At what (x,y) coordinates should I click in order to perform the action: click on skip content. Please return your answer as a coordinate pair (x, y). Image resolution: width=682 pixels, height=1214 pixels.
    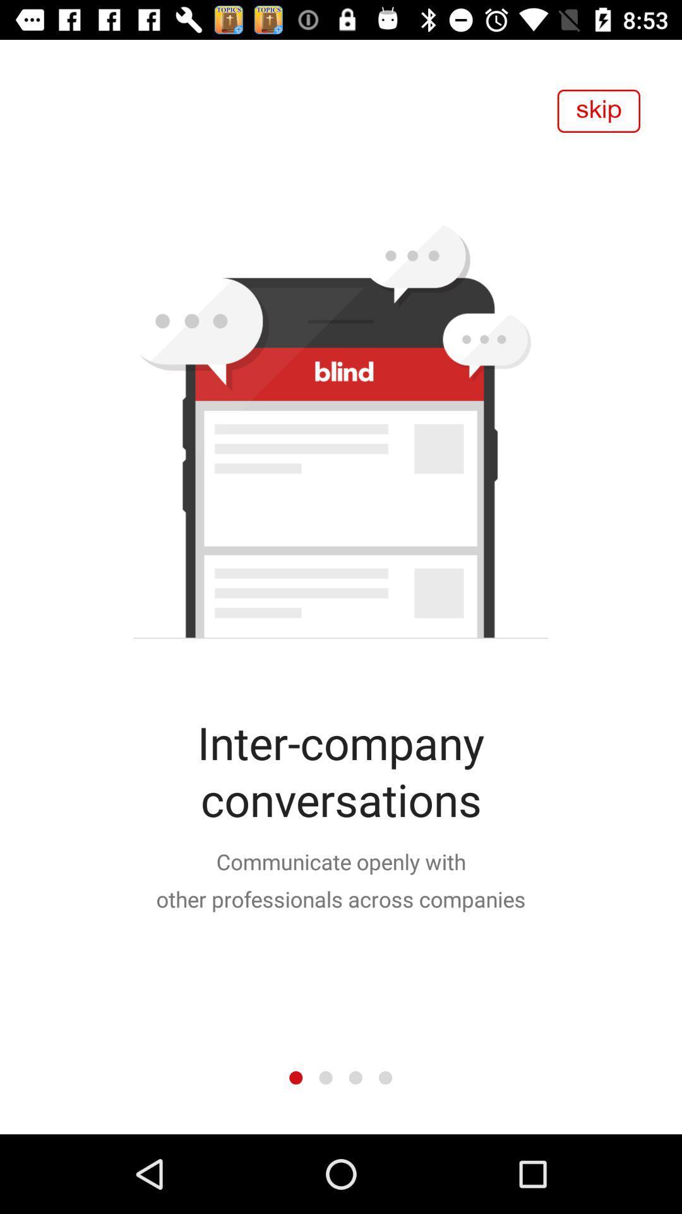
    Looking at the image, I should click on (598, 111).